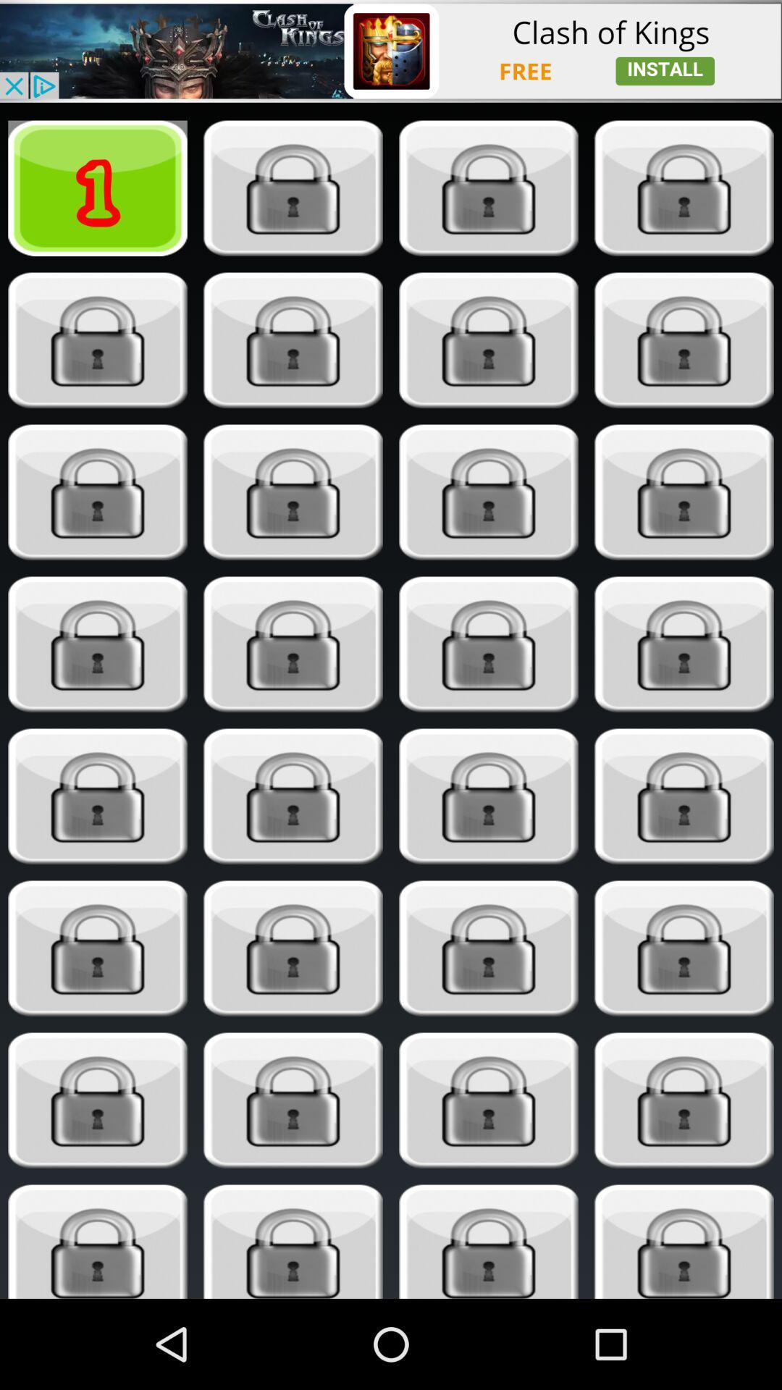  Describe the element at coordinates (98, 340) in the screenshot. I see `level locked` at that location.